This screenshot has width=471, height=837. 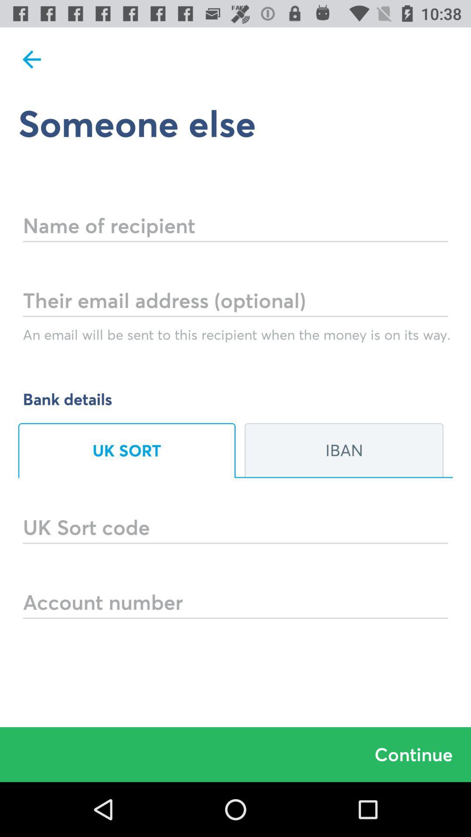 What do you see at coordinates (344, 450) in the screenshot?
I see `the iban` at bounding box center [344, 450].